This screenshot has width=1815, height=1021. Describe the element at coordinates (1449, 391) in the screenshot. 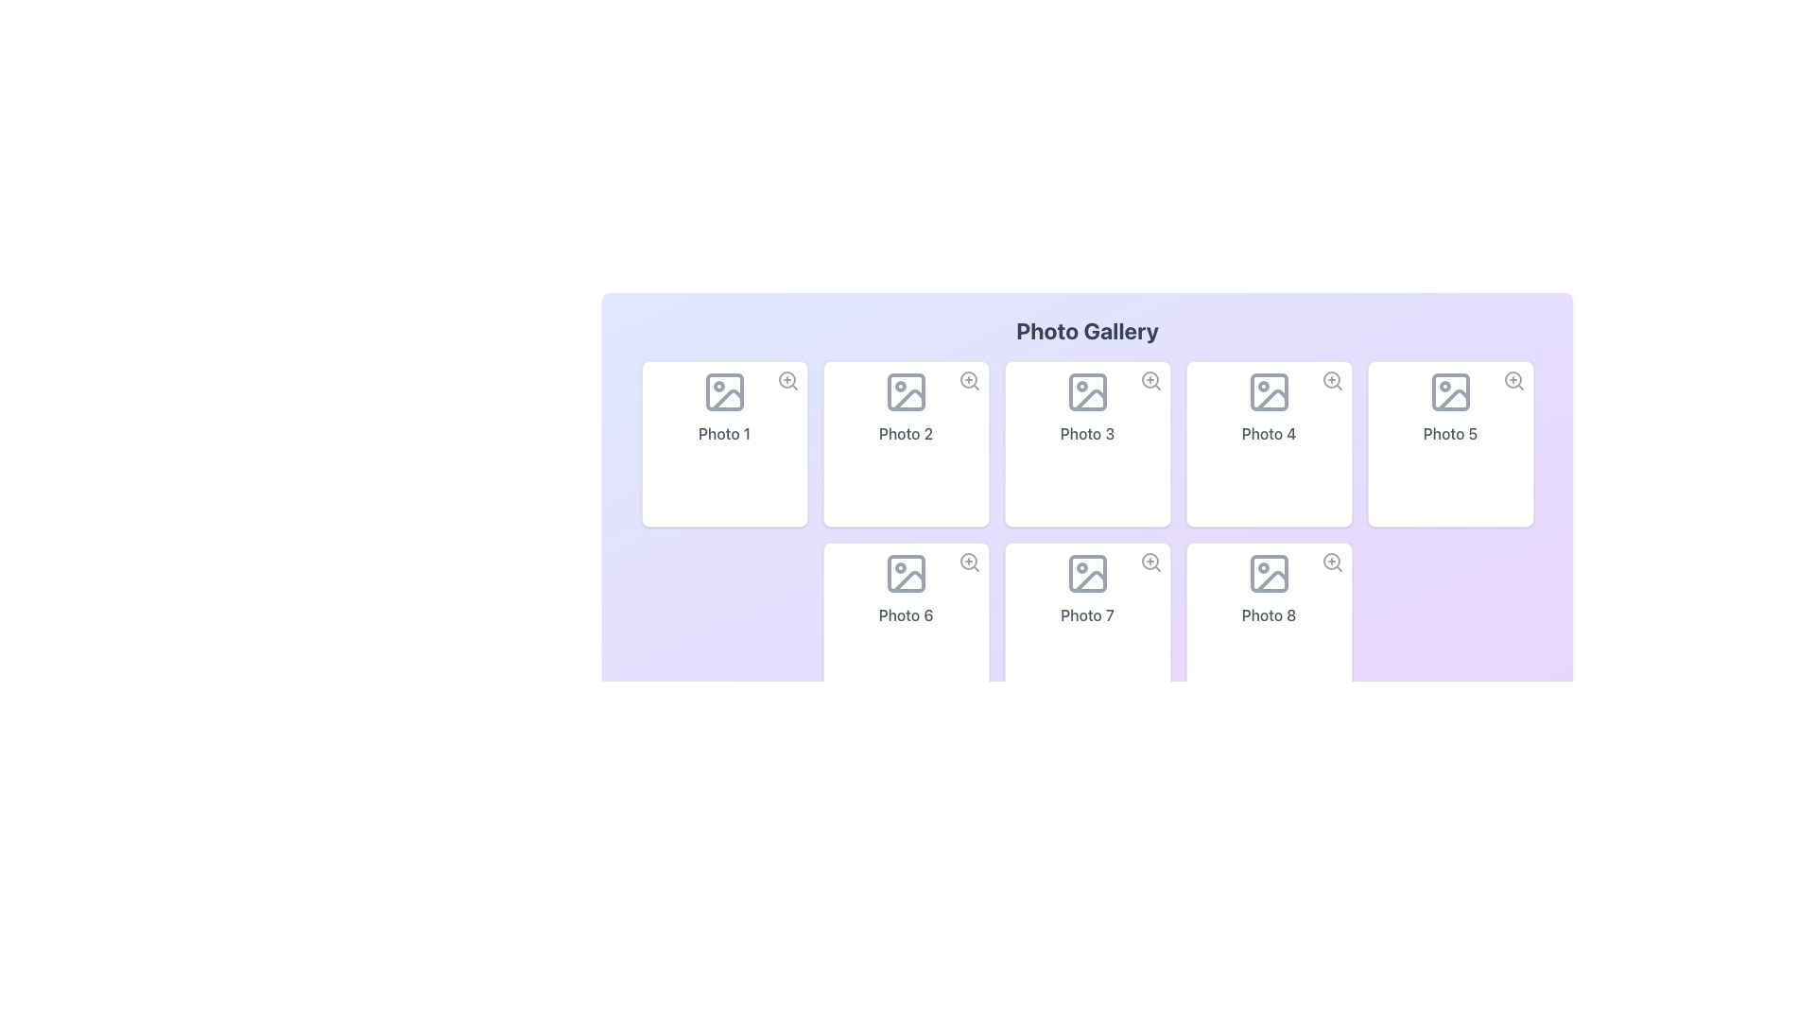

I see `the rectangular icon element within the photo placeholder labeled 'Photo 5' in the second row of the photo gallery grid` at that location.